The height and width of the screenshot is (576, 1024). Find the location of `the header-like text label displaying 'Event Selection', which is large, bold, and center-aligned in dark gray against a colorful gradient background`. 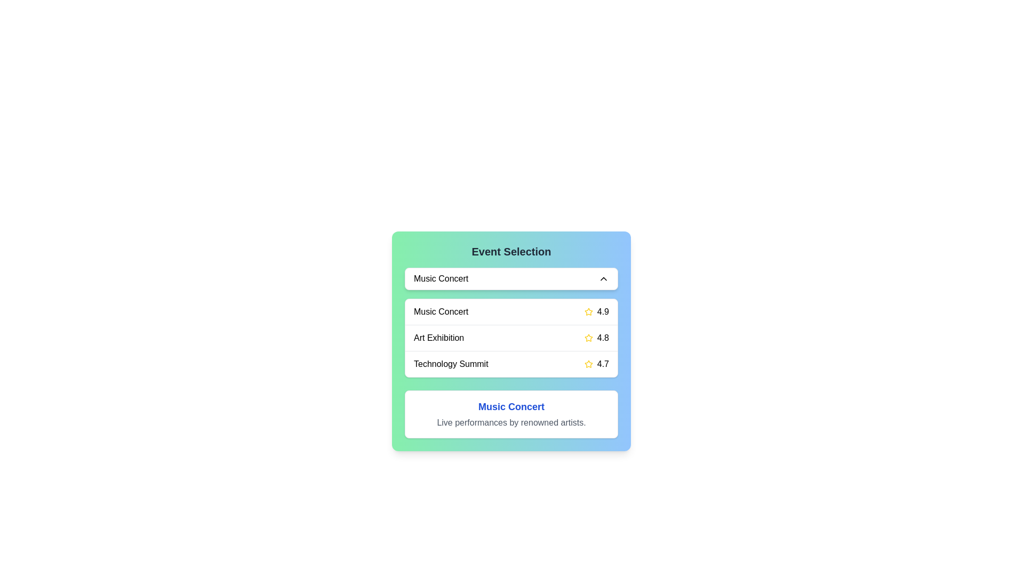

the header-like text label displaying 'Event Selection', which is large, bold, and center-aligned in dark gray against a colorful gradient background is located at coordinates (511, 251).